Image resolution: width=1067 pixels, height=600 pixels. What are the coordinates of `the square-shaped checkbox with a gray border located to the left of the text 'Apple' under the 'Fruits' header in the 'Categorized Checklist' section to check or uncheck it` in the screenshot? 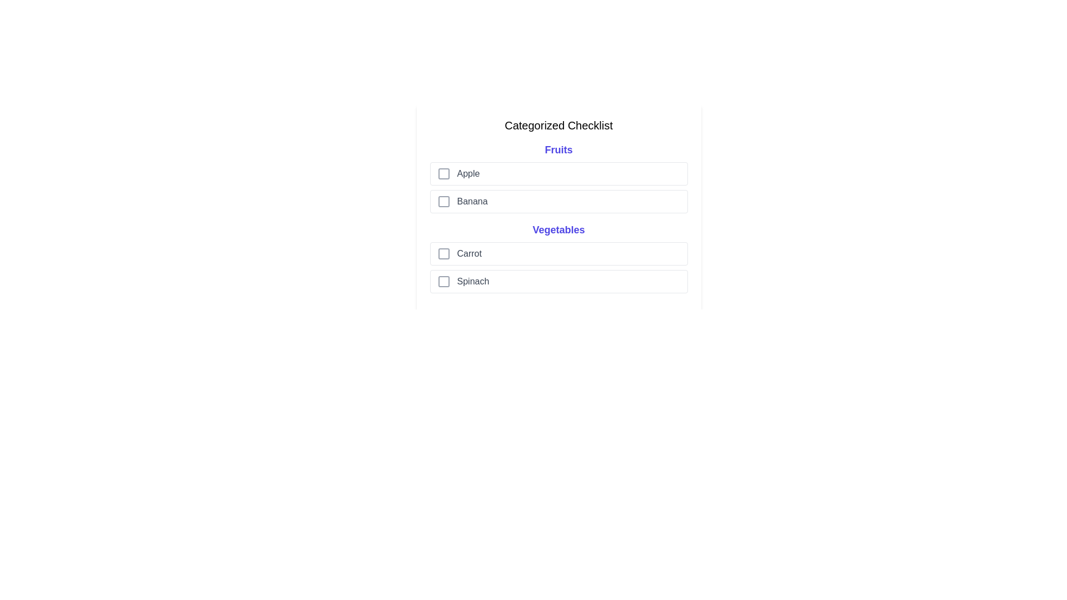 It's located at (443, 173).